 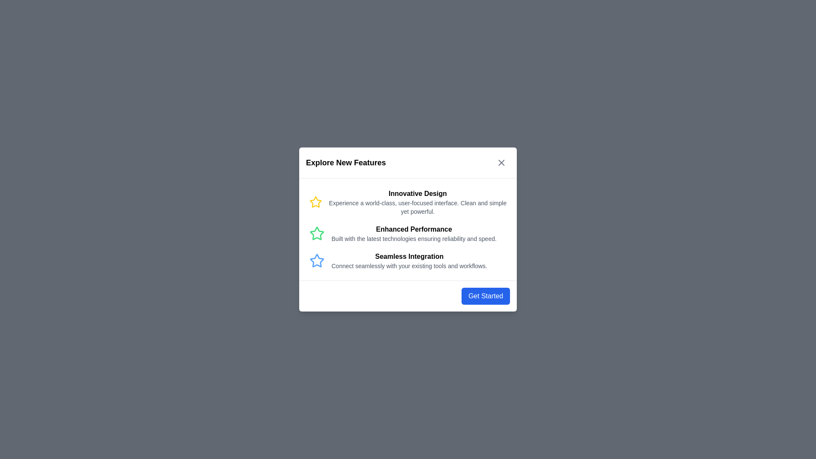 I want to click on textual description block conveying information about the 'Seamless Integration' feature located in the 'Explore New Features' modal, positioned below the 'Enhanced Performance' description, so click(x=409, y=260).